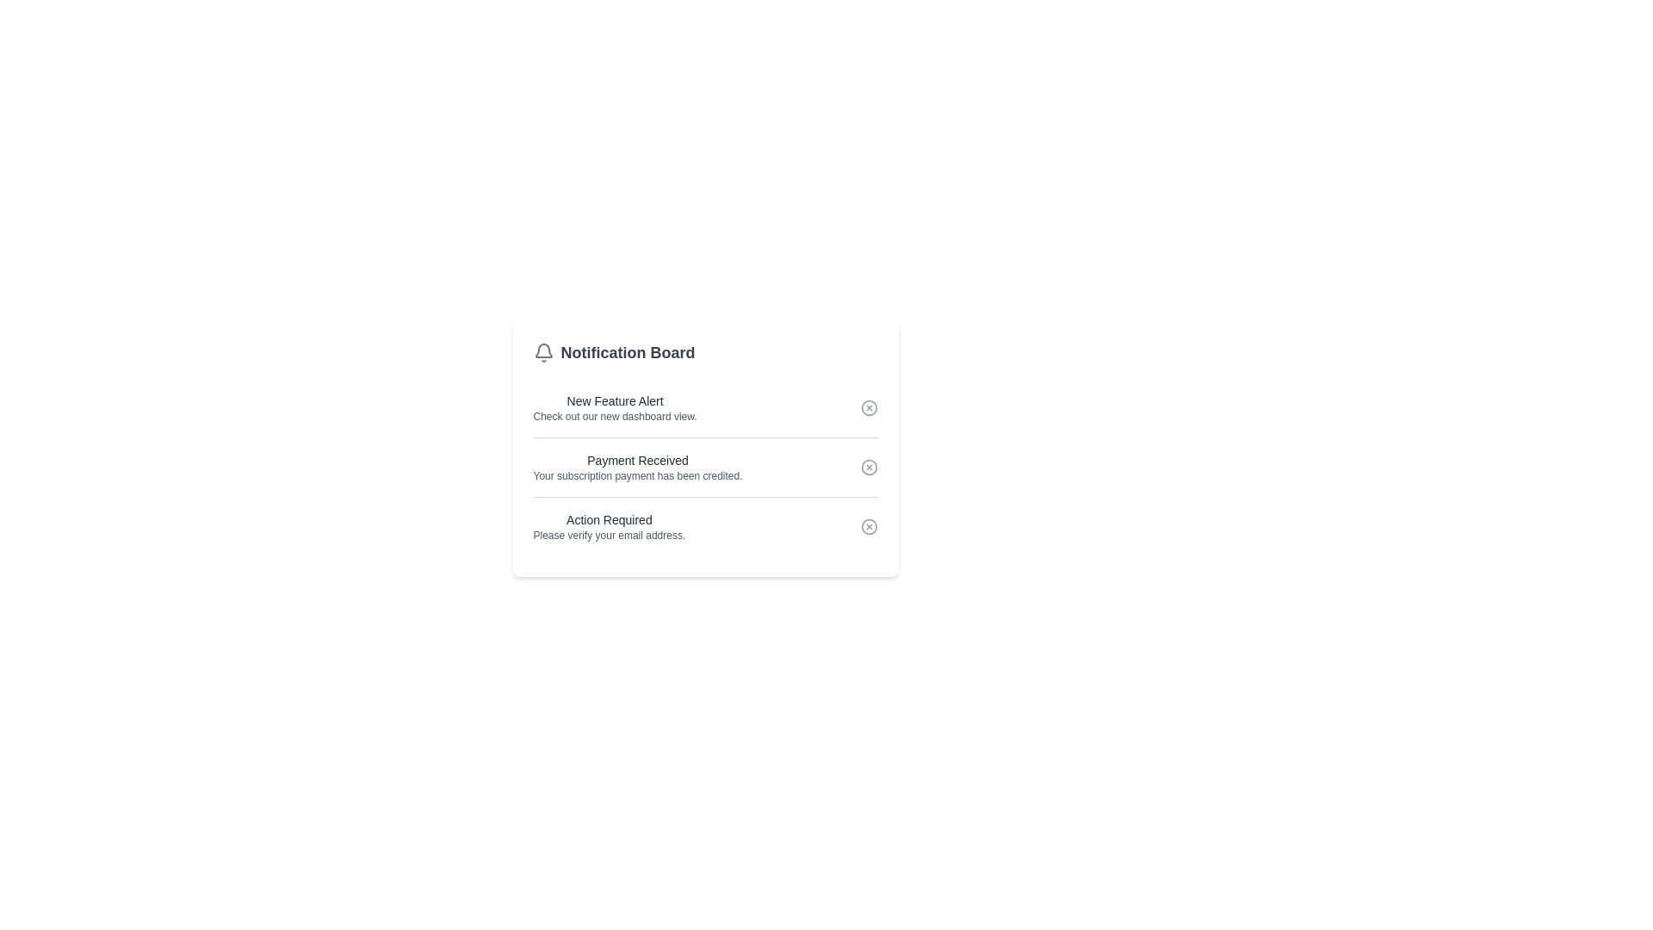  I want to click on the text label that reads 'Please verify your email address.' which is styled in a small font and light gray color, located directly below the bold heading 'Action Required', so click(609, 534).